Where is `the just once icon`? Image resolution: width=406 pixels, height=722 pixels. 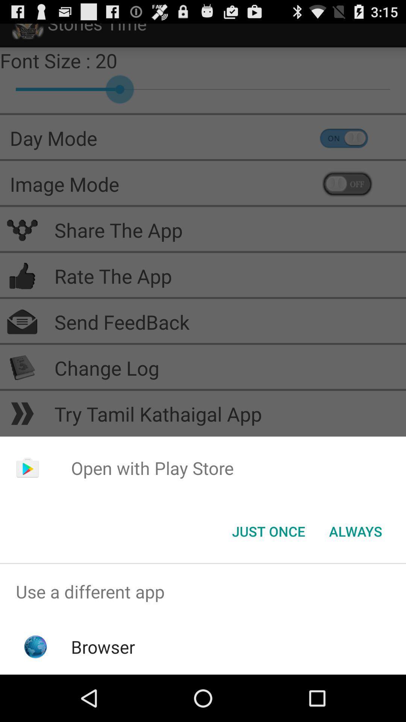 the just once icon is located at coordinates (268, 531).